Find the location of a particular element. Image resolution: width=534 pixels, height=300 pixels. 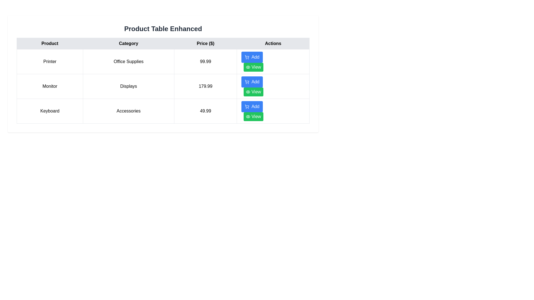

the green rectangular button labeled 'View' with an eye icon on its left, located in the 'Actions' column of the third row of the table is located at coordinates (253, 116).